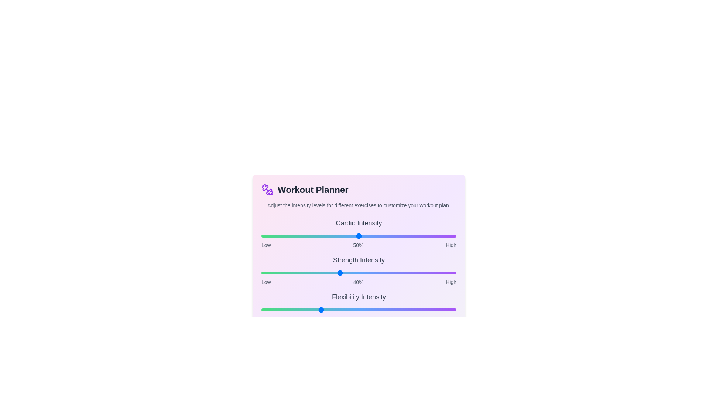  What do you see at coordinates (290, 310) in the screenshot?
I see `the intensity of the 2 slider to 15%` at bounding box center [290, 310].